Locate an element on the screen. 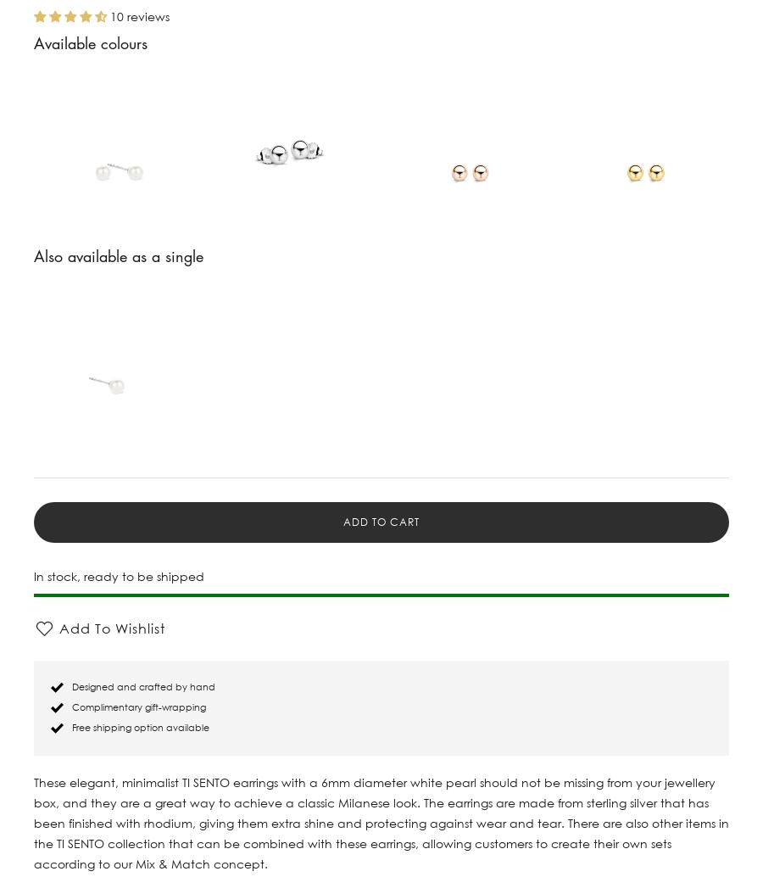 The width and height of the screenshot is (763, 877). 'Add To Wishlist' is located at coordinates (112, 628).